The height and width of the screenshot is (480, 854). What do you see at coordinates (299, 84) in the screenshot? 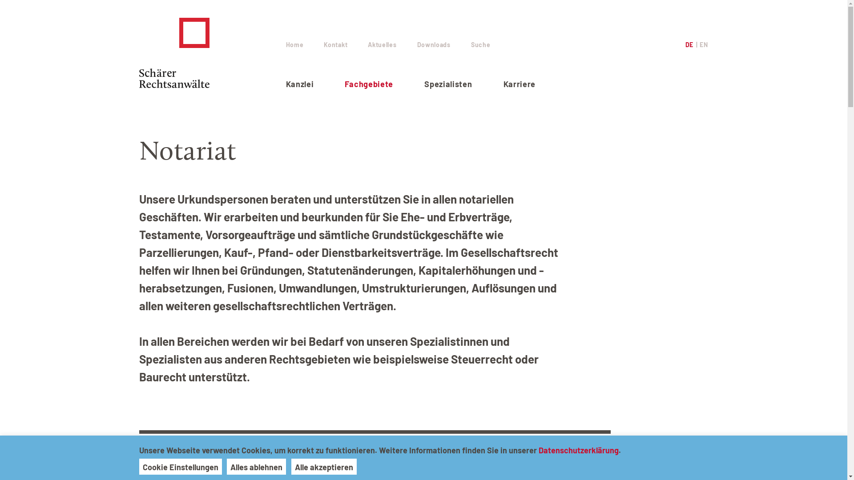
I see `'Kanzlei'` at bounding box center [299, 84].